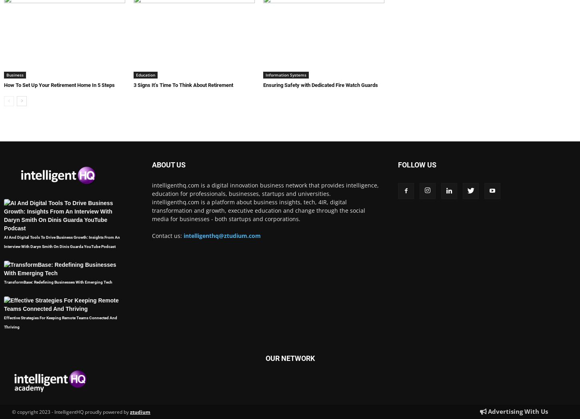 This screenshot has height=419, width=580. What do you see at coordinates (264, 358) in the screenshot?
I see `'OUR NETWORK'` at bounding box center [264, 358].